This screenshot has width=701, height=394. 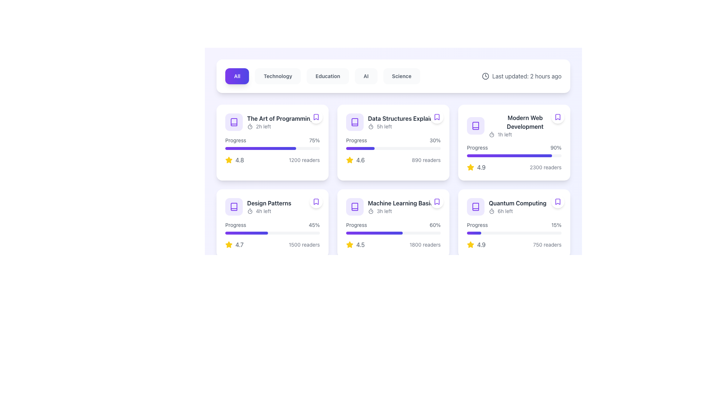 What do you see at coordinates (475, 125) in the screenshot?
I see `decorative icon located at the top-left of the 'Modern Web Development' card in the second row and third column of the grid` at bounding box center [475, 125].